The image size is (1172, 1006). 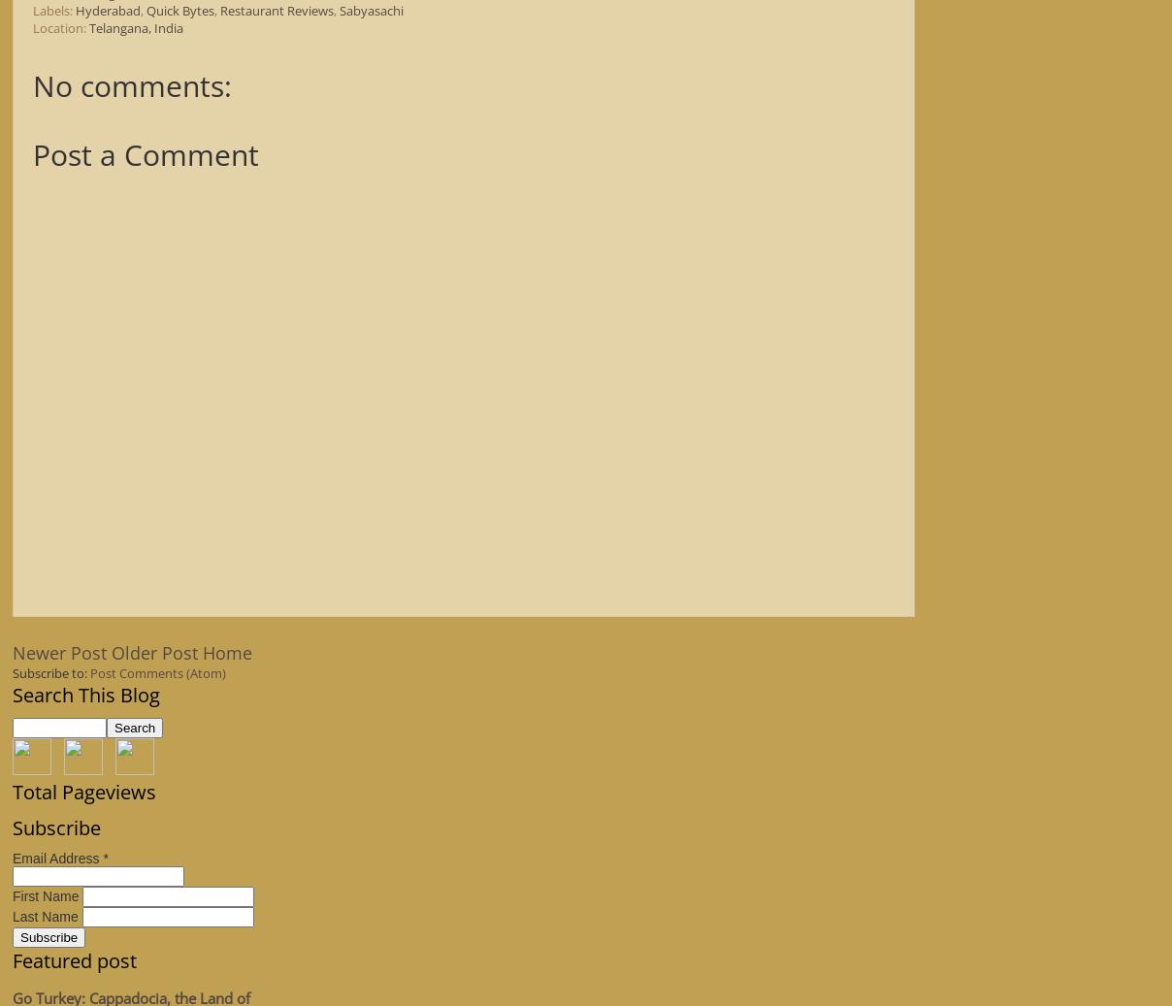 What do you see at coordinates (31, 152) in the screenshot?
I see `'Post a Comment'` at bounding box center [31, 152].